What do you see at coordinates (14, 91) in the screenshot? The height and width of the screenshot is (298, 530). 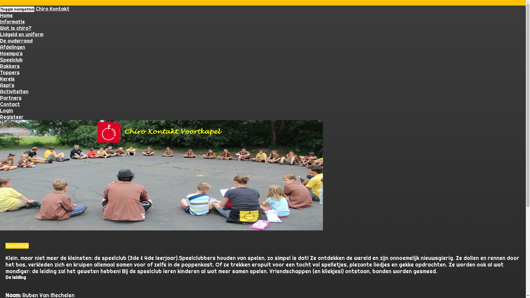 I see `'Activiteiten'` at bounding box center [14, 91].